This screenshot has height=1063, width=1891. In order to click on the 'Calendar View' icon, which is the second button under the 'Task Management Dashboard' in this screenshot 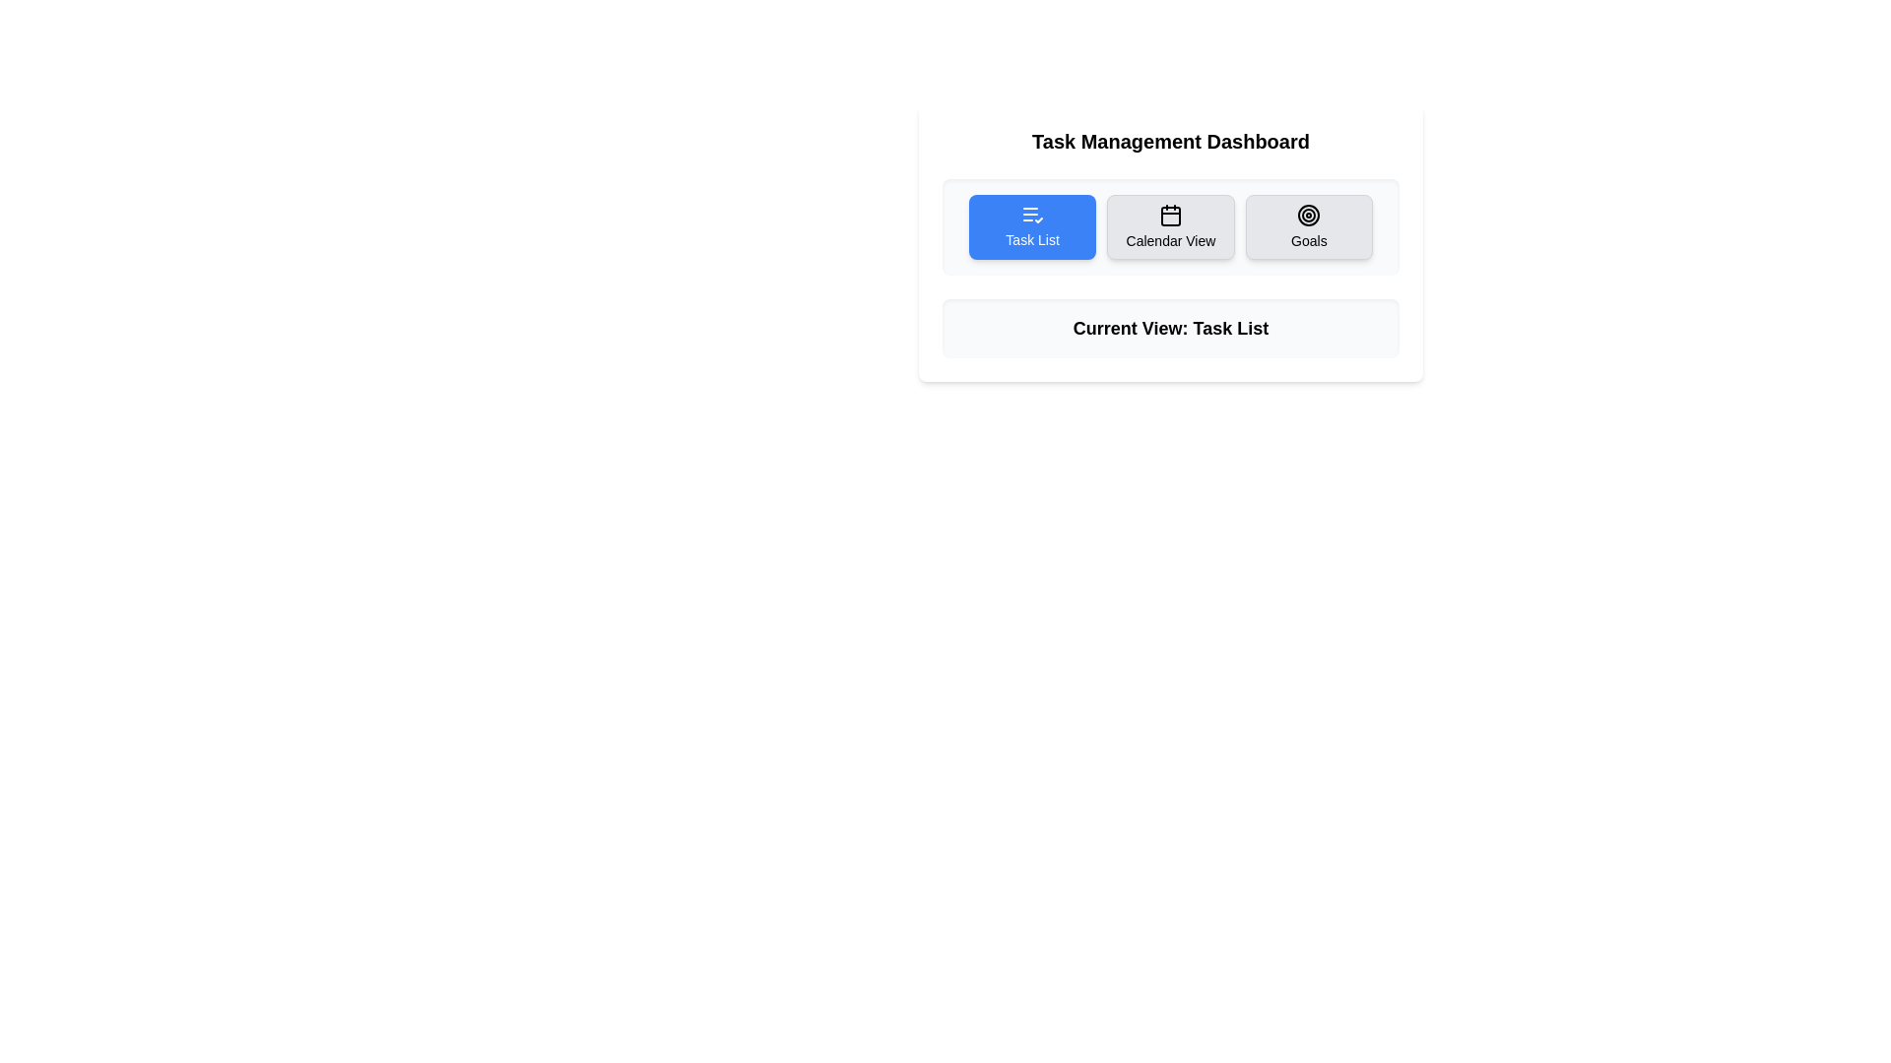, I will do `click(1171, 216)`.